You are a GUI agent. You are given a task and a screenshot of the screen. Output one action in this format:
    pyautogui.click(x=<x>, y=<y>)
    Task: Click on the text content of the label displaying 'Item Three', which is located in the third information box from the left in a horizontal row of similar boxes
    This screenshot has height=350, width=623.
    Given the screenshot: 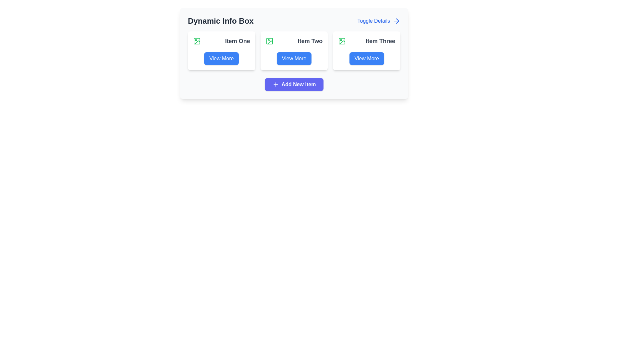 What is the action you would take?
    pyautogui.click(x=380, y=41)
    